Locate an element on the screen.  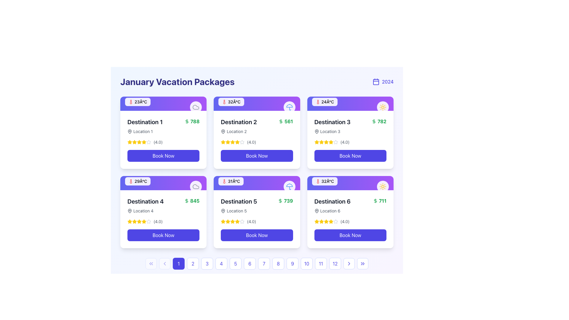
the second pagination button, which is styled as a square with rounded corners, white with a blue border, and displays the numeral '2' in blue at its center is located at coordinates (193, 263).